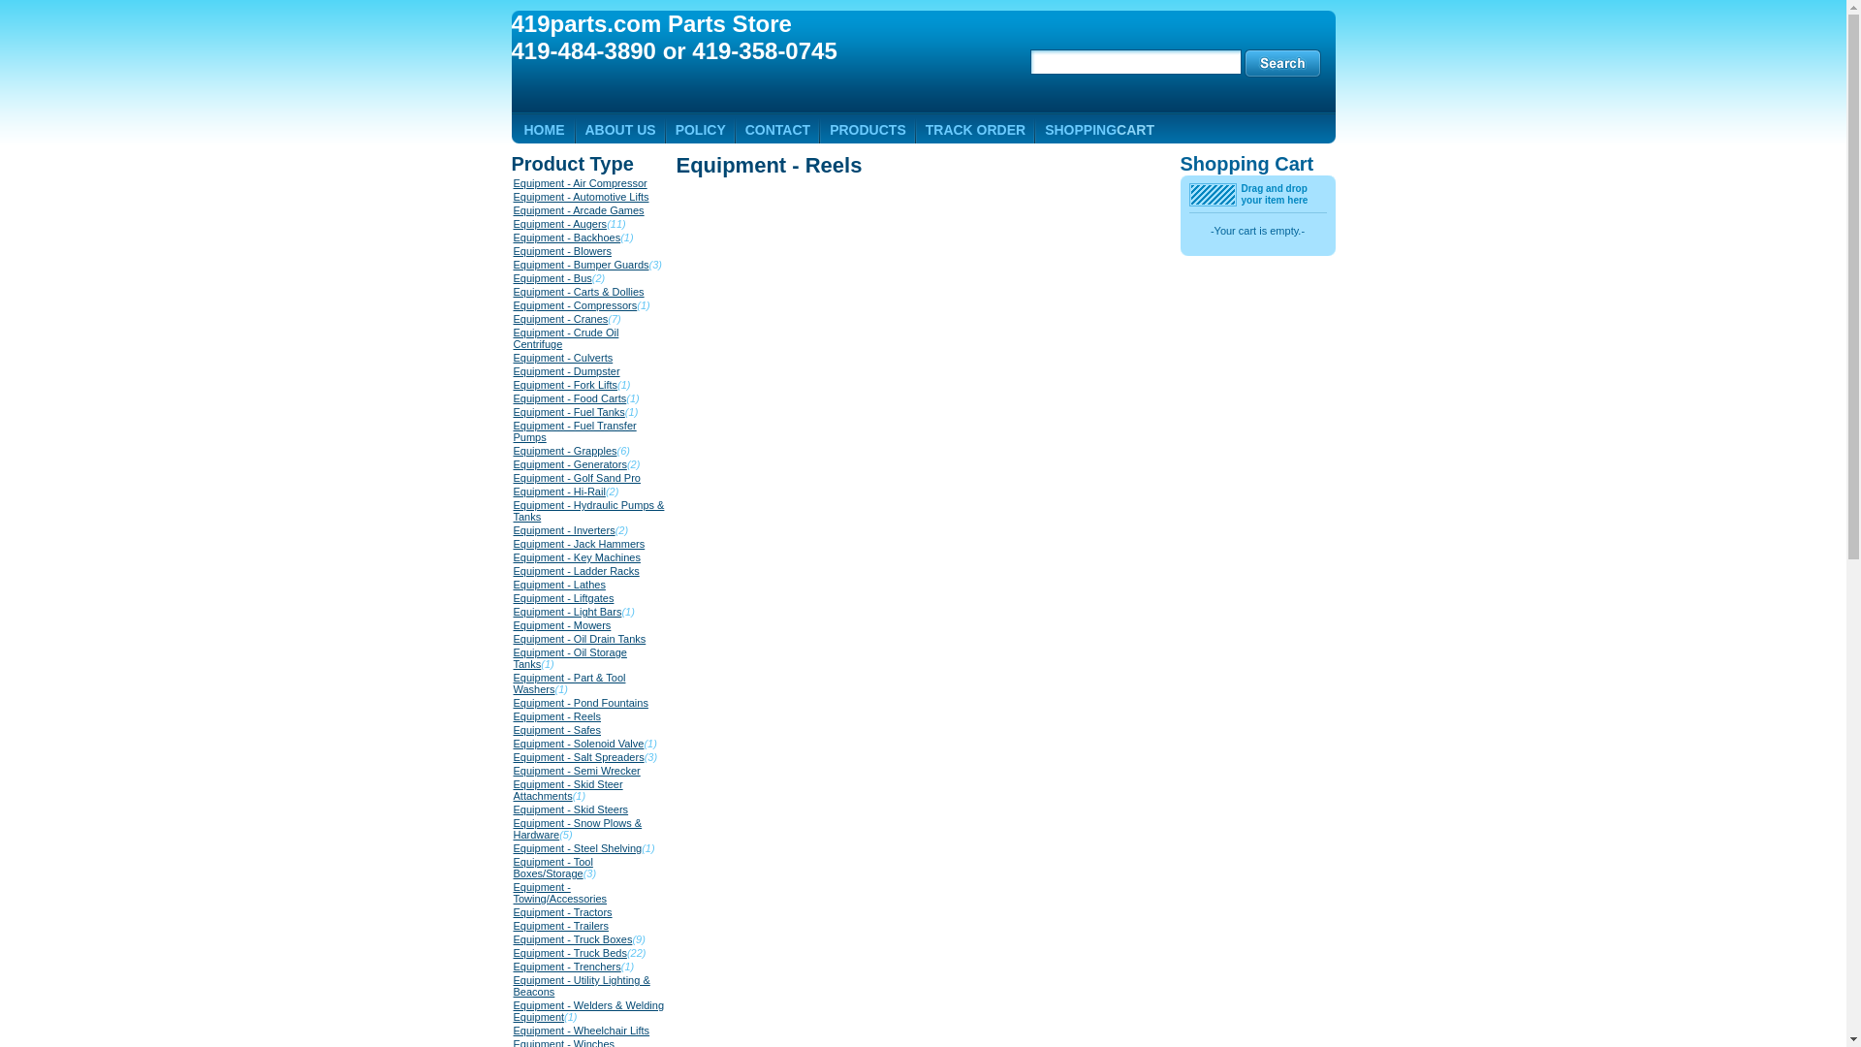  Describe the element at coordinates (562, 358) in the screenshot. I see `'Equipment - Culverts'` at that location.